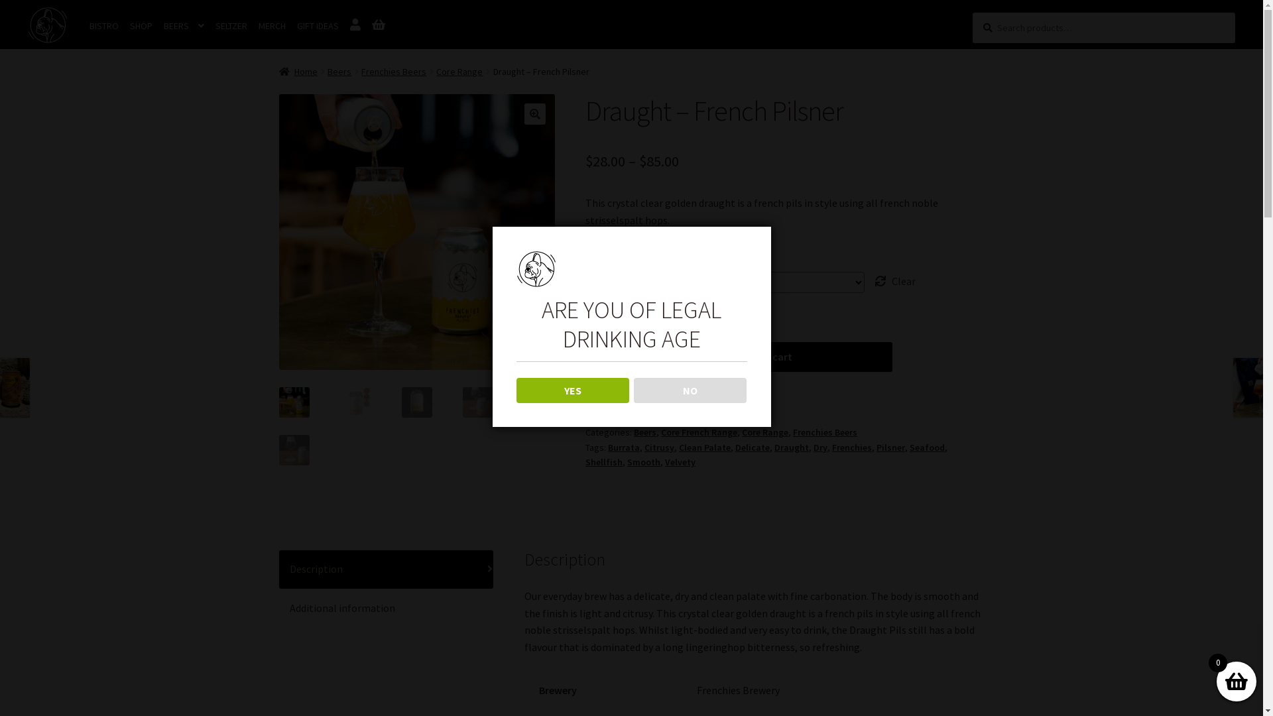  I want to click on 'Citrusy', so click(659, 447).